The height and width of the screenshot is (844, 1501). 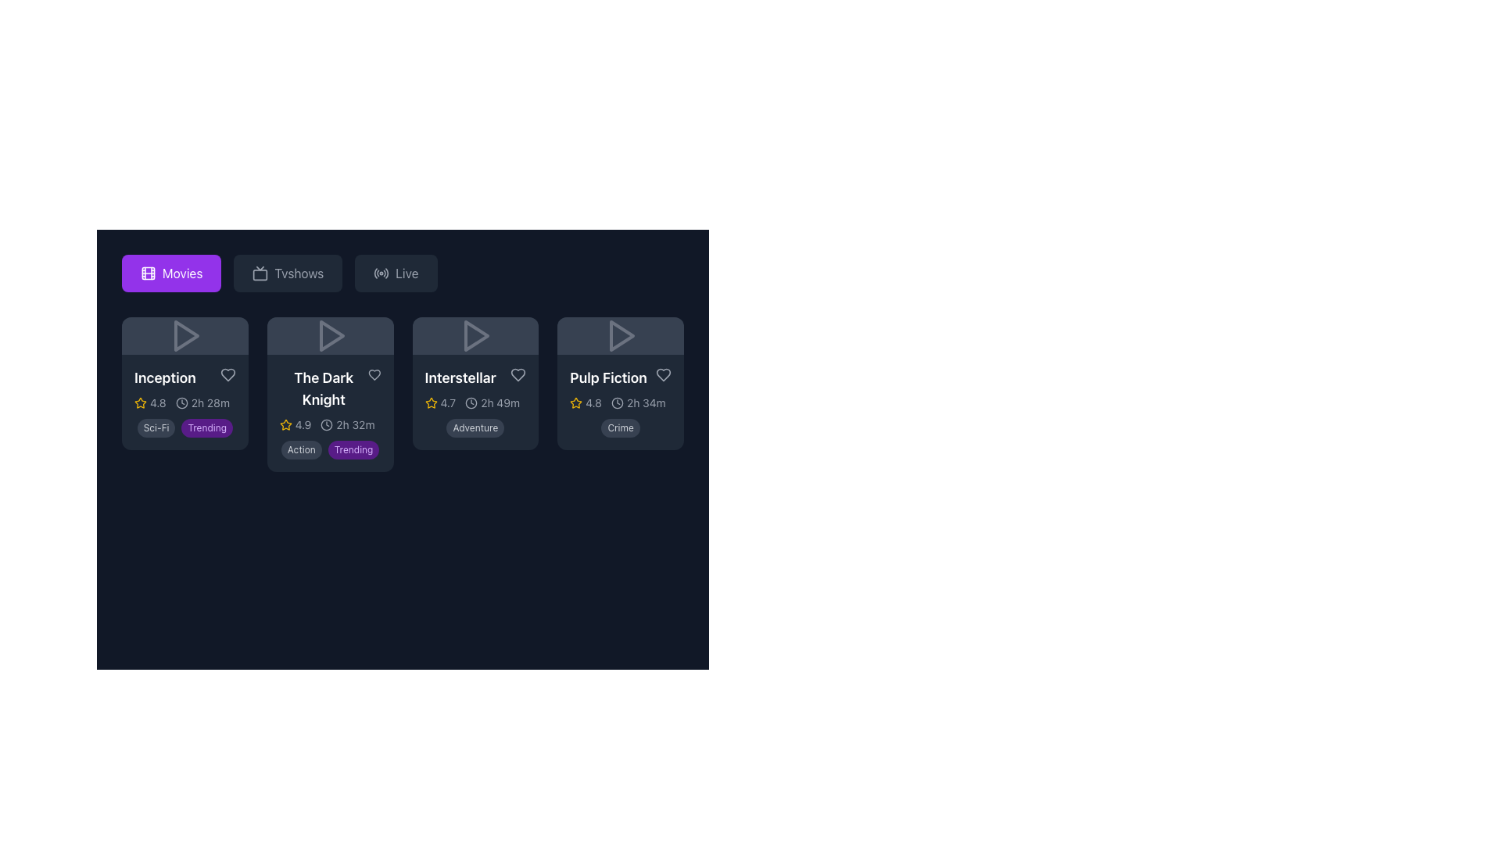 I want to click on the play icon for the movie 'Interstellar', which is centered in the upper portion of its card, so click(x=475, y=334).